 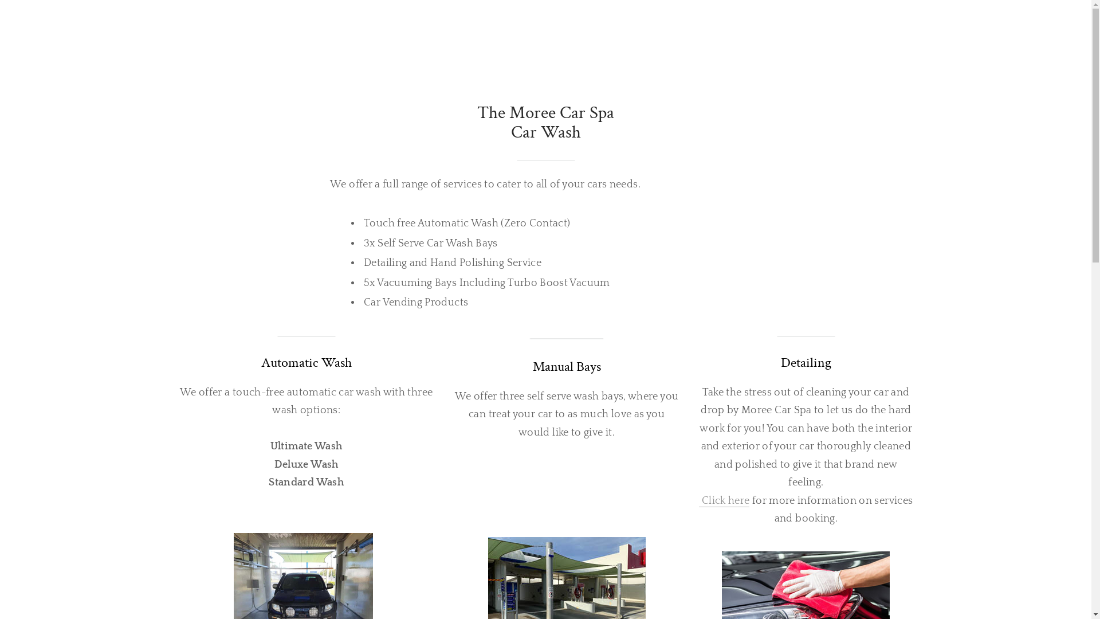 I want to click on ' Click here', so click(x=698, y=500).